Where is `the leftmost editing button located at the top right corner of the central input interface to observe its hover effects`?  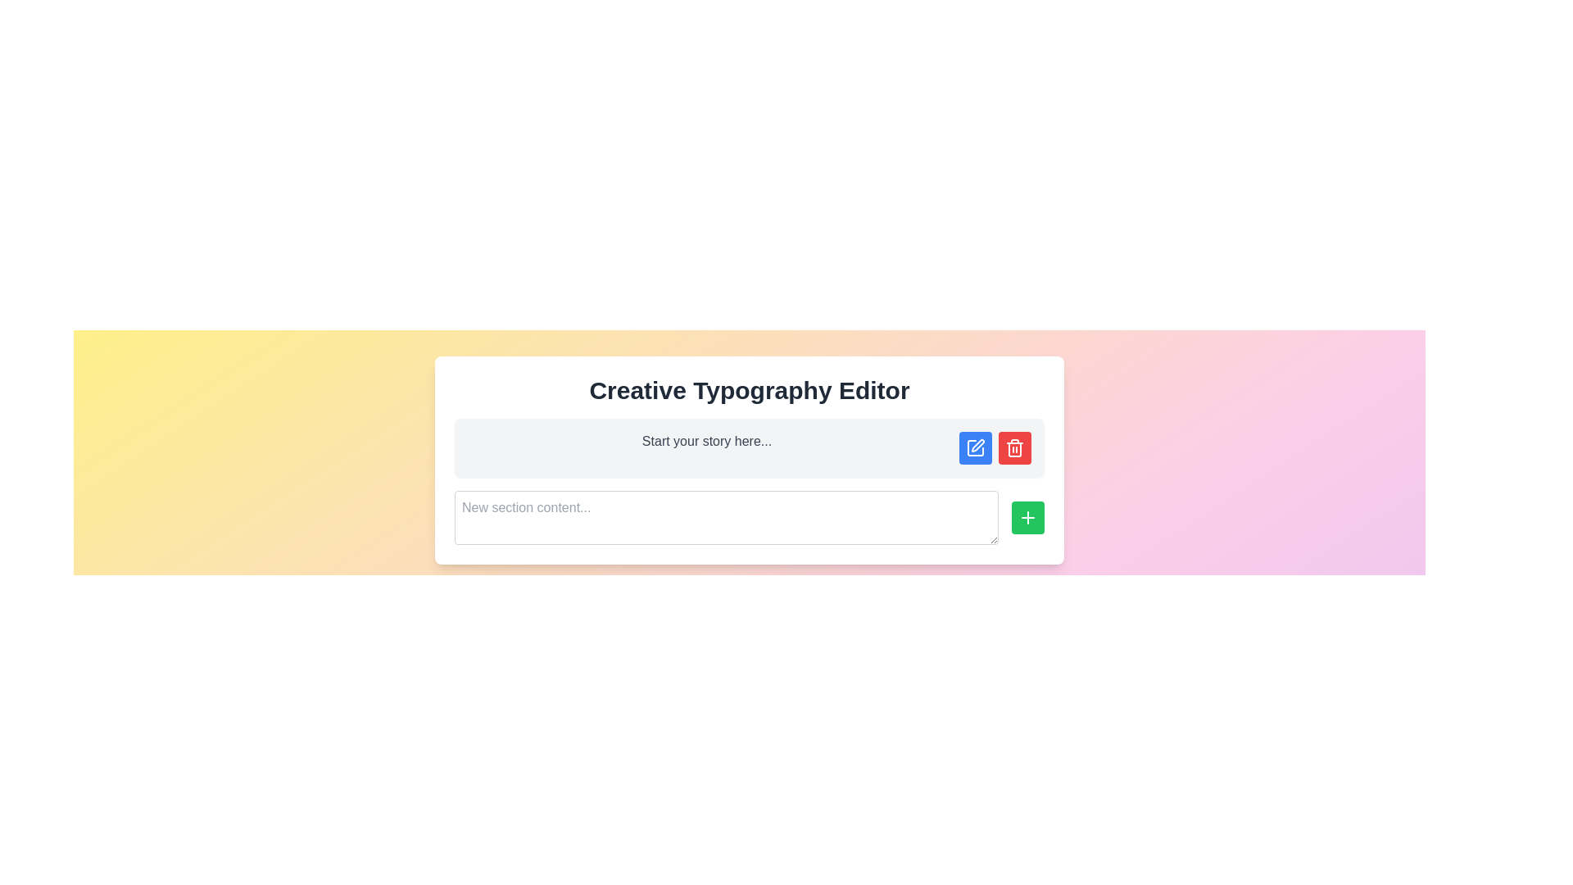
the leftmost editing button located at the top right corner of the central input interface to observe its hover effects is located at coordinates (975, 448).